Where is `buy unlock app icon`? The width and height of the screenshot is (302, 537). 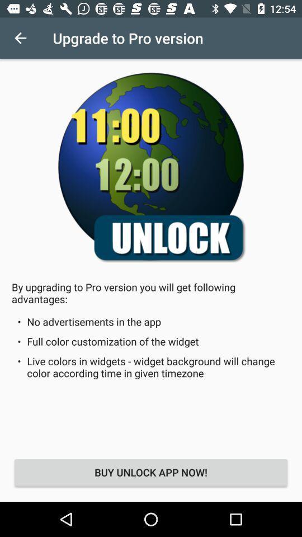
buy unlock app icon is located at coordinates (151, 472).